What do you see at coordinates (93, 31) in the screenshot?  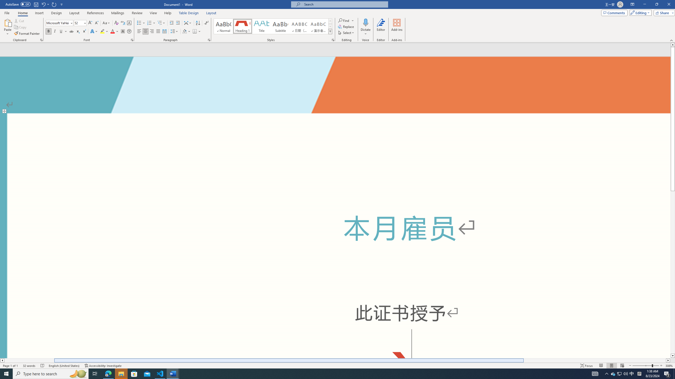 I see `'Text Effects and Typography'` at bounding box center [93, 31].